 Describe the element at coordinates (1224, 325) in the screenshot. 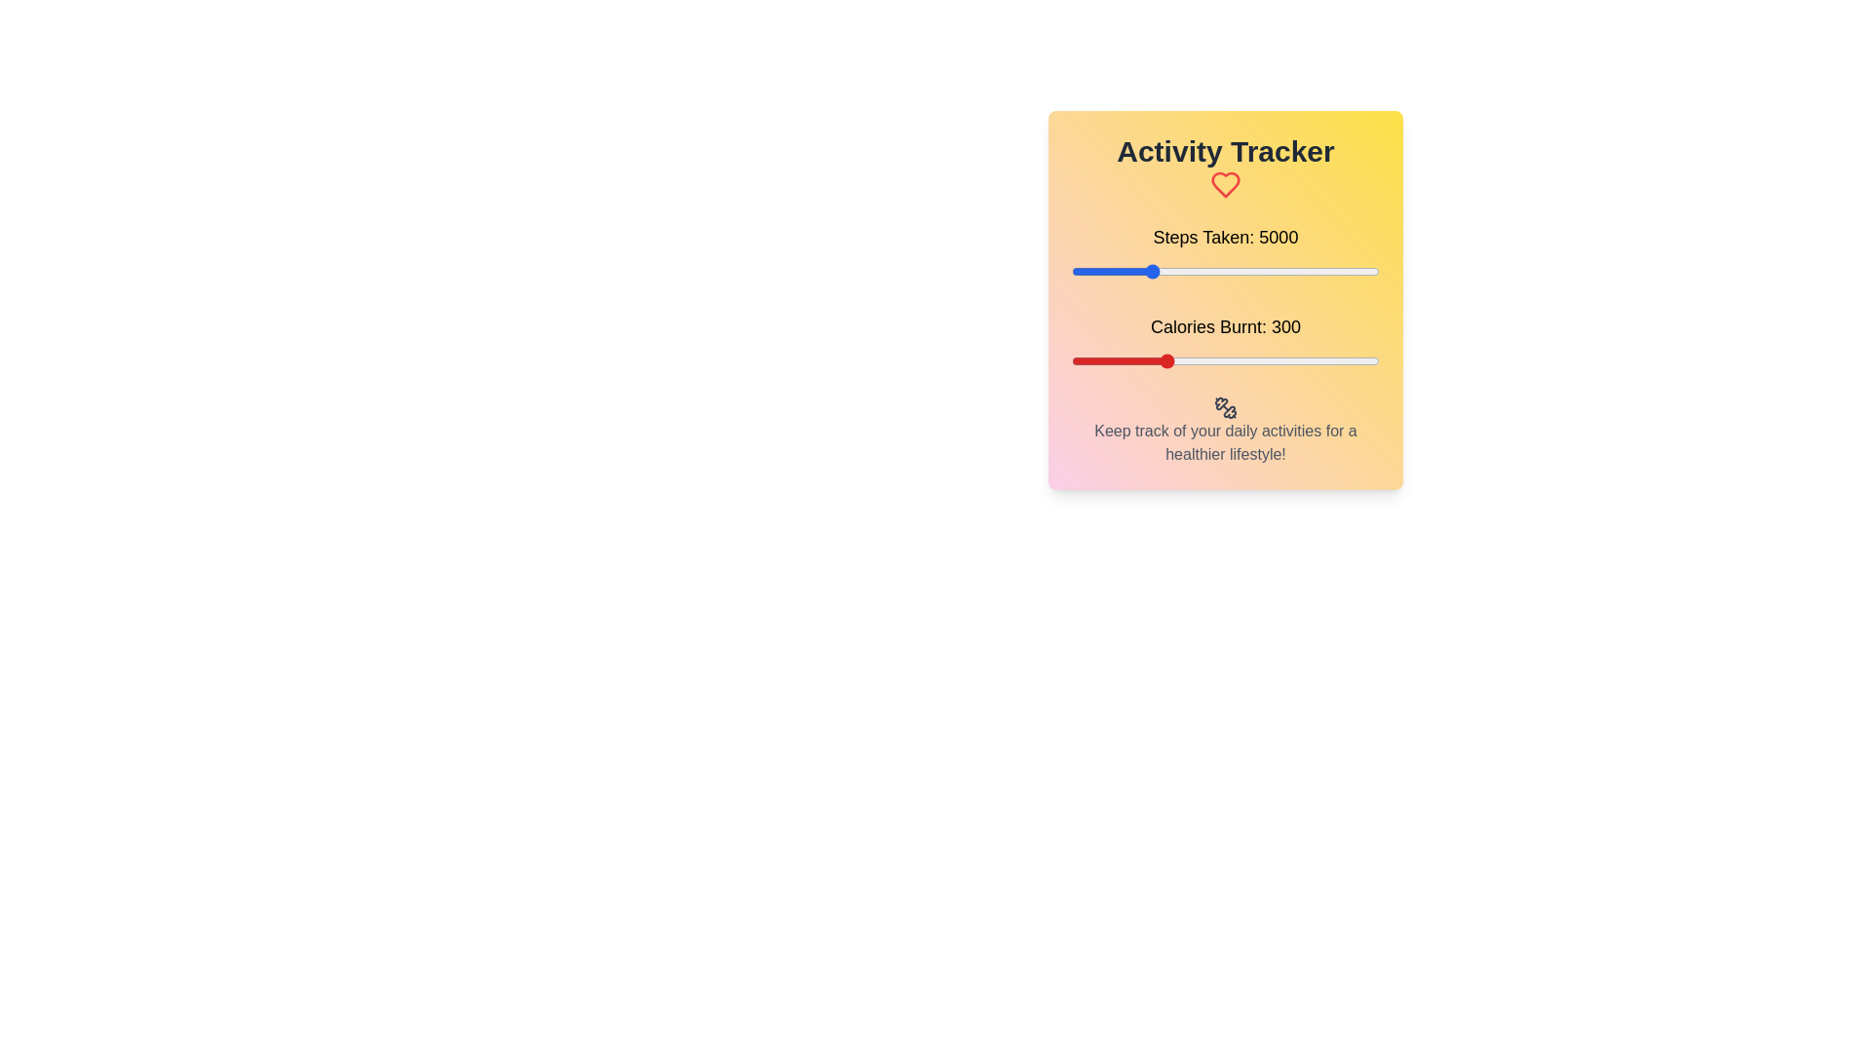

I see `the text label displaying 'Calories Burnt: 300', which is centered in the activity tracking section, located below 'Steps Taken: 5000'` at that location.